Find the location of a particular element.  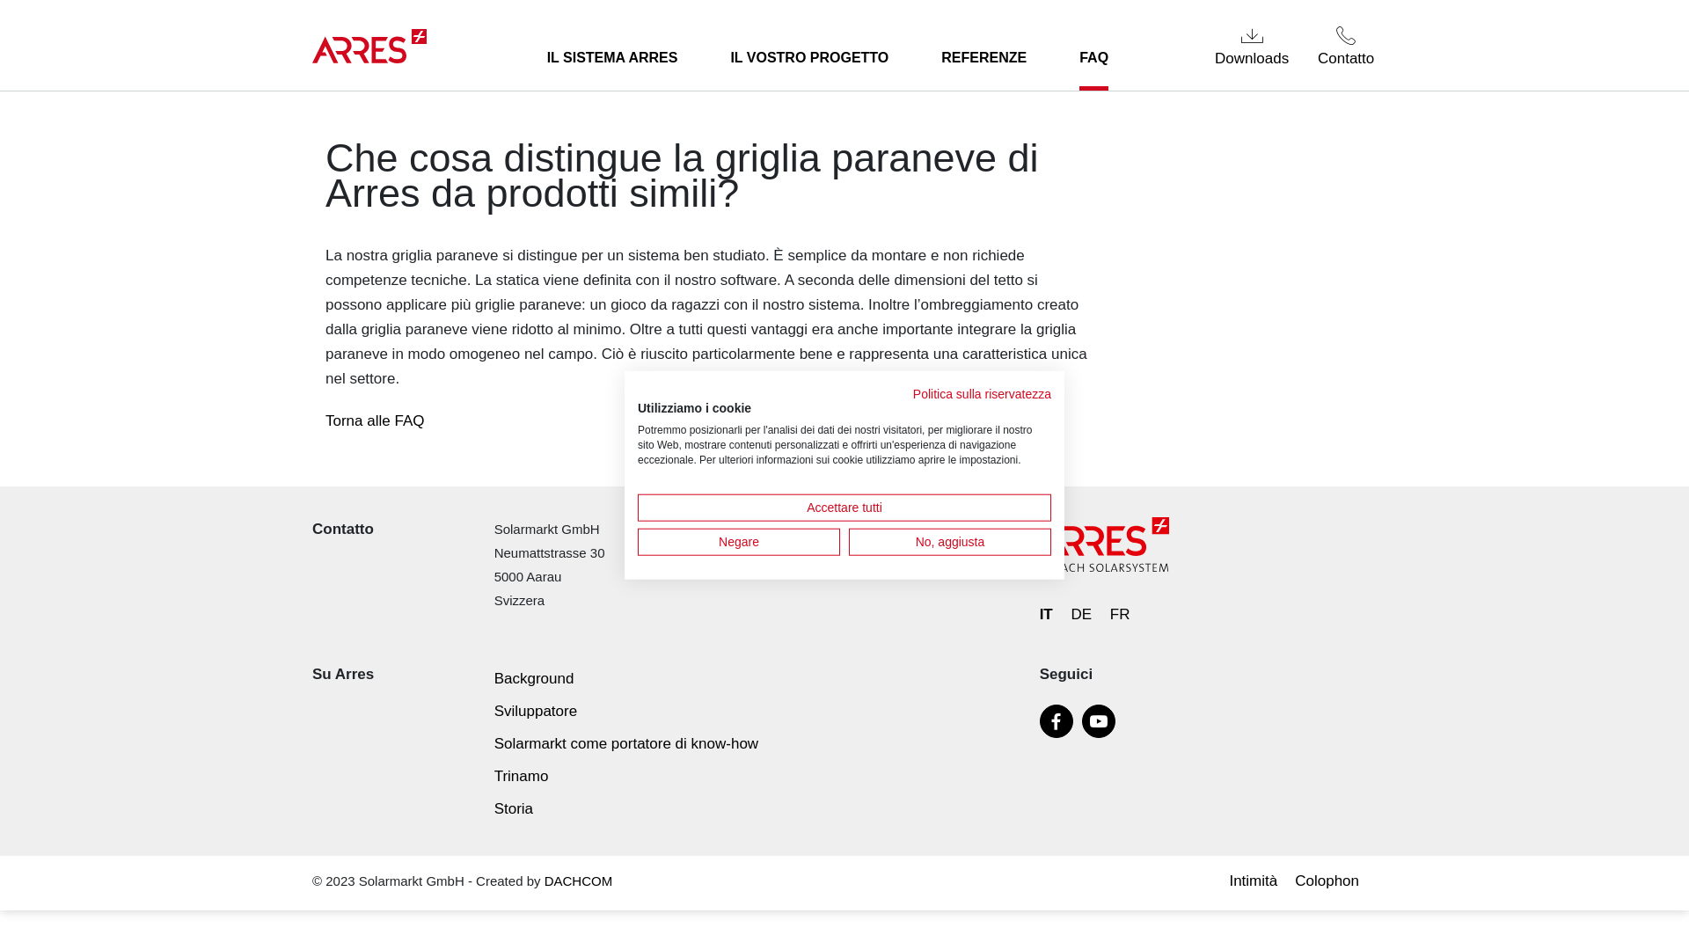

'REFERENZE' is located at coordinates (940, 56).